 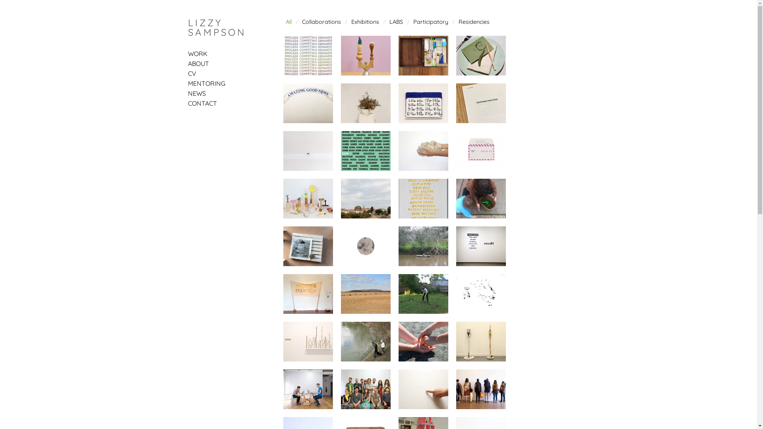 I want to click on 'CONTACT', so click(x=187, y=102).